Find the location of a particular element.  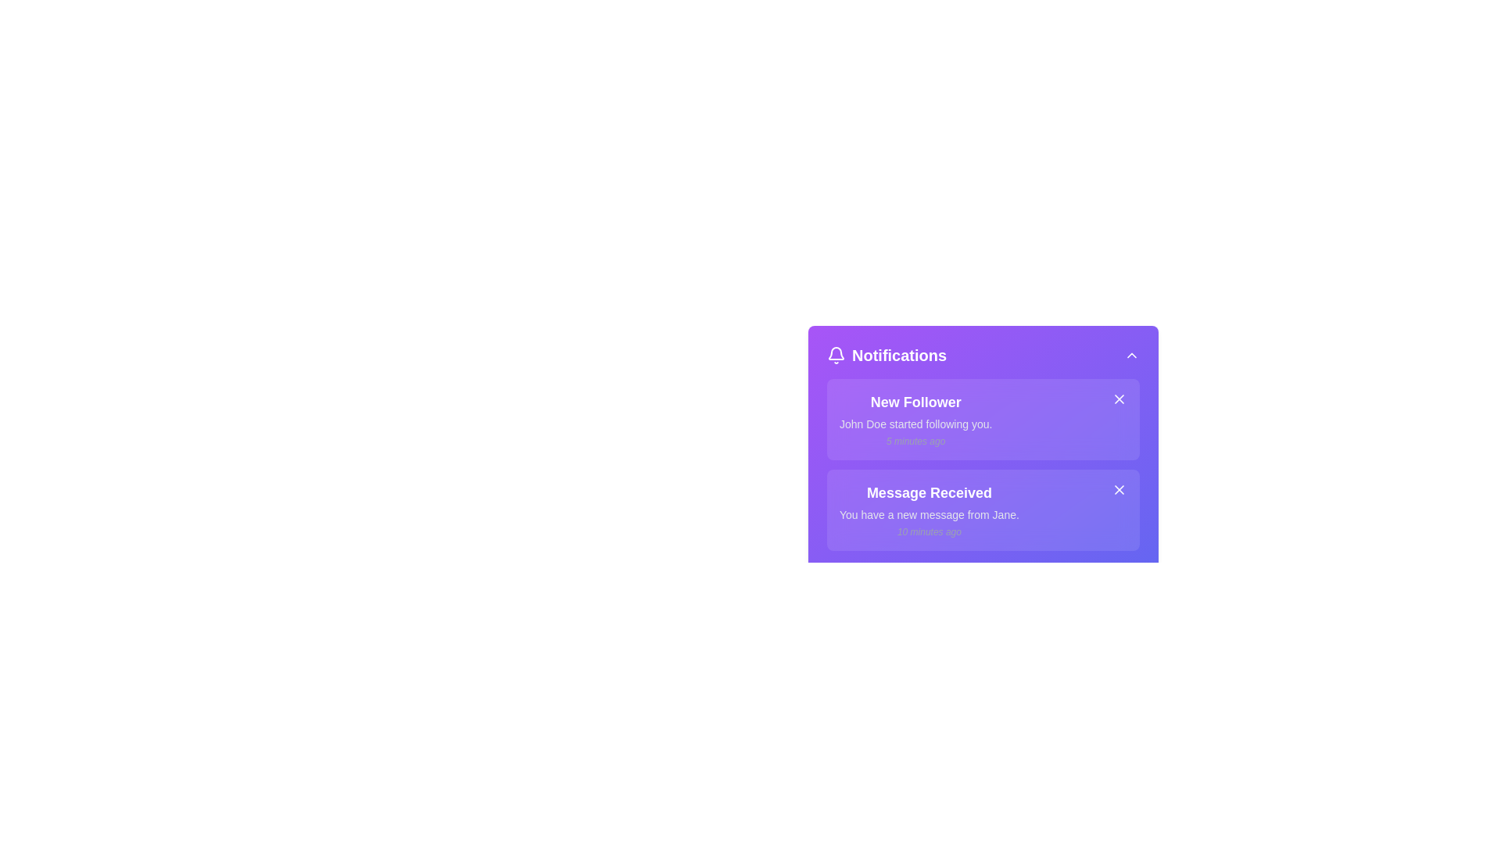

the white bell icon on the purple background located at the top-left corner of the notification panel, preceding the text label 'Notifications' is located at coordinates (836, 356).